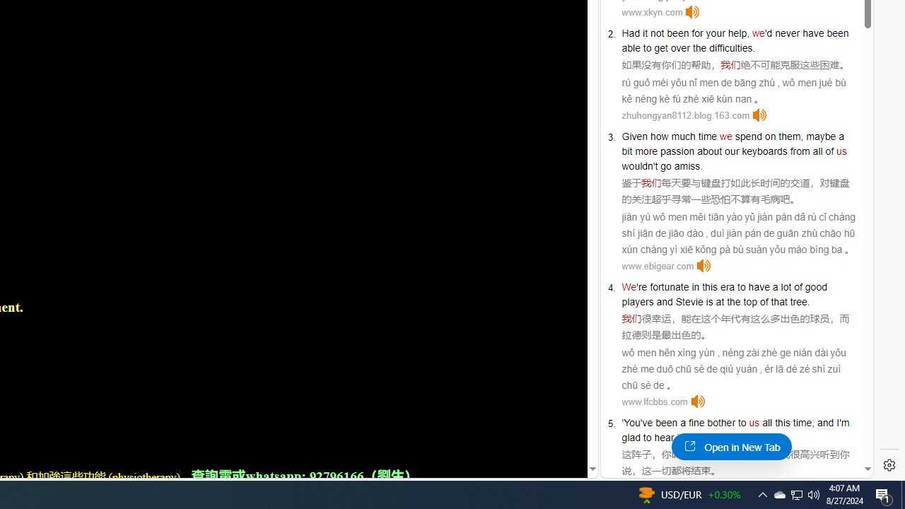 The width and height of the screenshot is (905, 509). What do you see at coordinates (800, 151) in the screenshot?
I see `'from'` at bounding box center [800, 151].